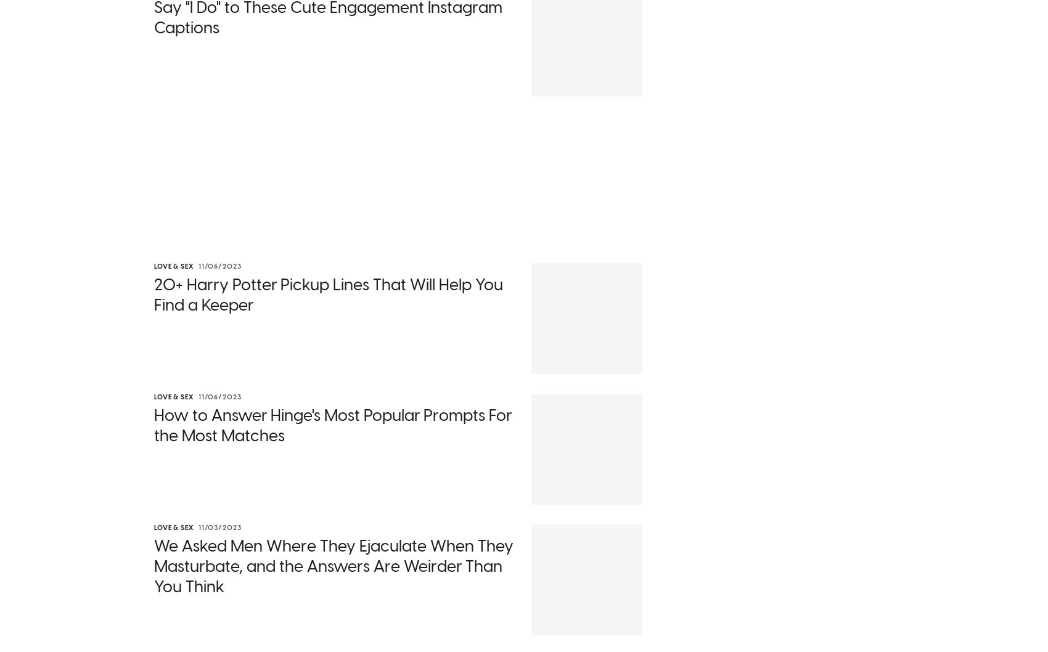  Describe the element at coordinates (154, 563) in the screenshot. I see `'In Virginia, the Department of Education increased the funds that went to subsidy-backed childcare programs last year. They've continually assessed and raised the amounts paid to these facilities to make sure that childcare providers are taken care of, and families receiving subsidies can find the care that they need.'` at that location.